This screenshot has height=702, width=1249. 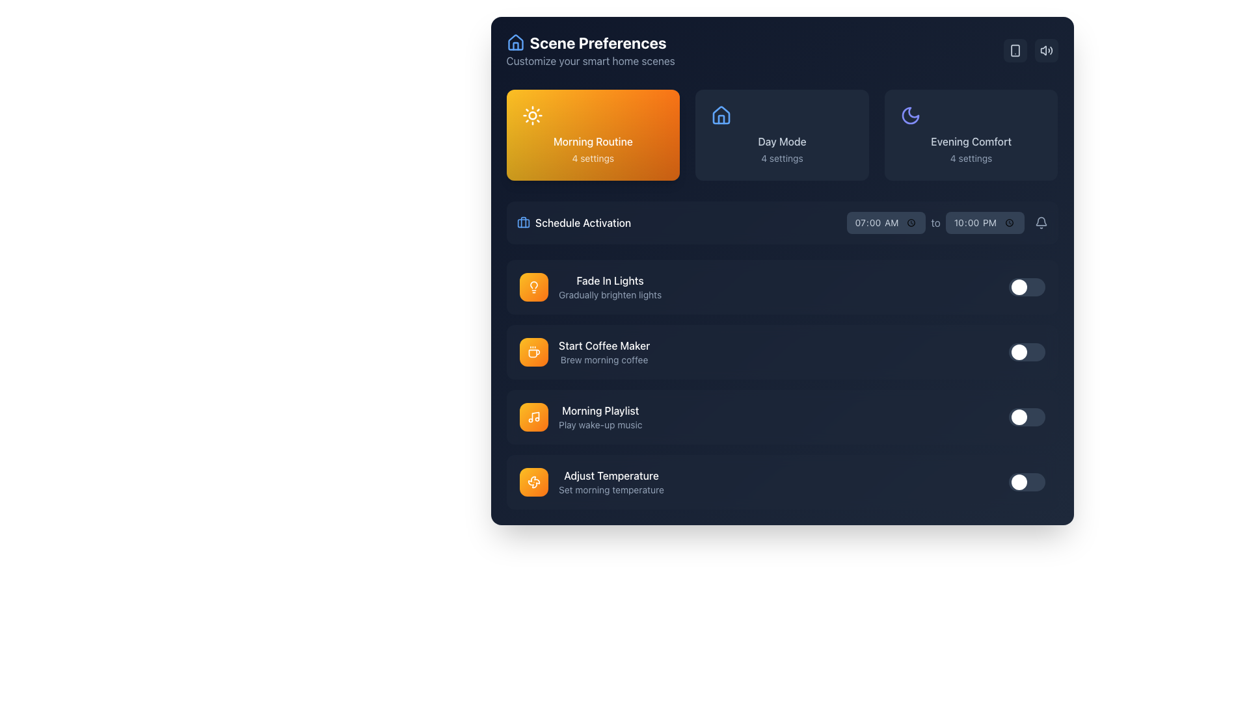 I want to click on the rectangular button with rounded corners, featuring a gradient background from amber to orange and a white music notes icon, so click(x=533, y=417).